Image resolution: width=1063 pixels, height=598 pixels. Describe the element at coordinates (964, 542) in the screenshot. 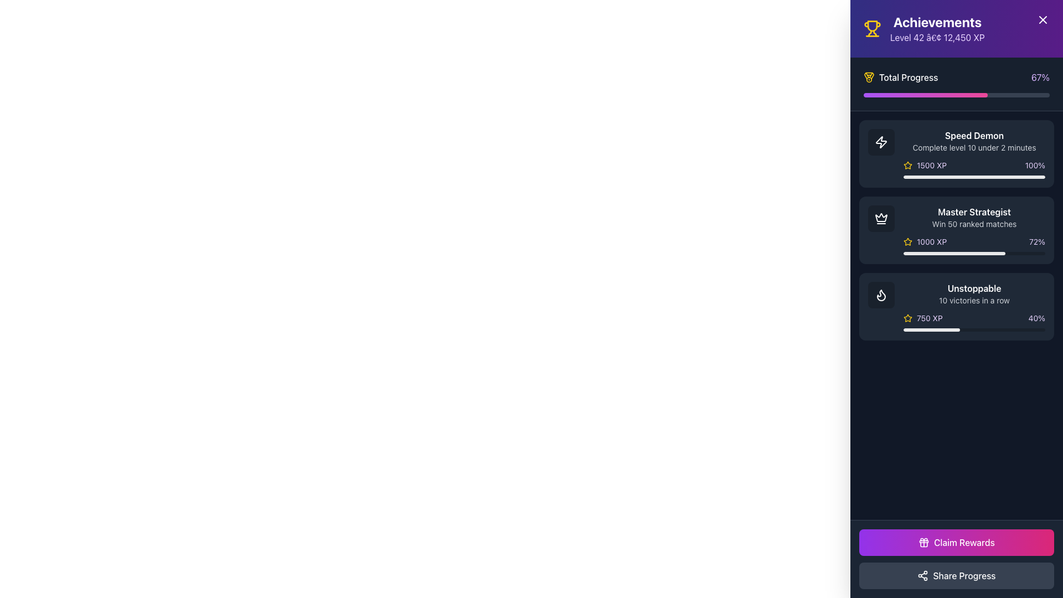

I see `the 'Claim Rewards' label, which is styled in white text on a purple to pink gradient button background, located at the bottom of the vertical panel` at that location.